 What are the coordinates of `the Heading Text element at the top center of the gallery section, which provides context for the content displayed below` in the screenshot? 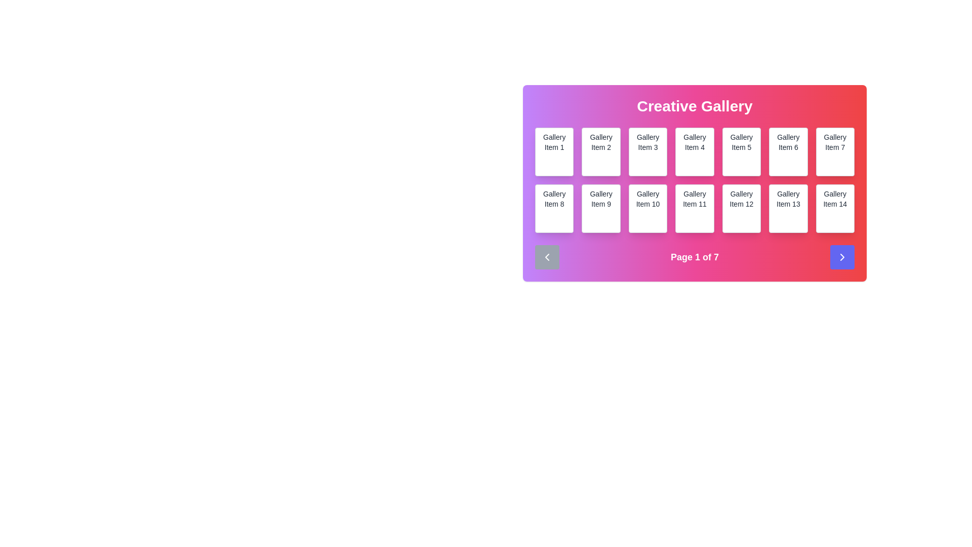 It's located at (694, 106).